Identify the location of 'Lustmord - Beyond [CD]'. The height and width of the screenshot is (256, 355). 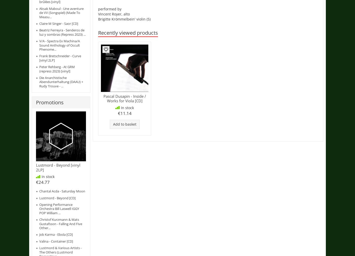
(57, 197).